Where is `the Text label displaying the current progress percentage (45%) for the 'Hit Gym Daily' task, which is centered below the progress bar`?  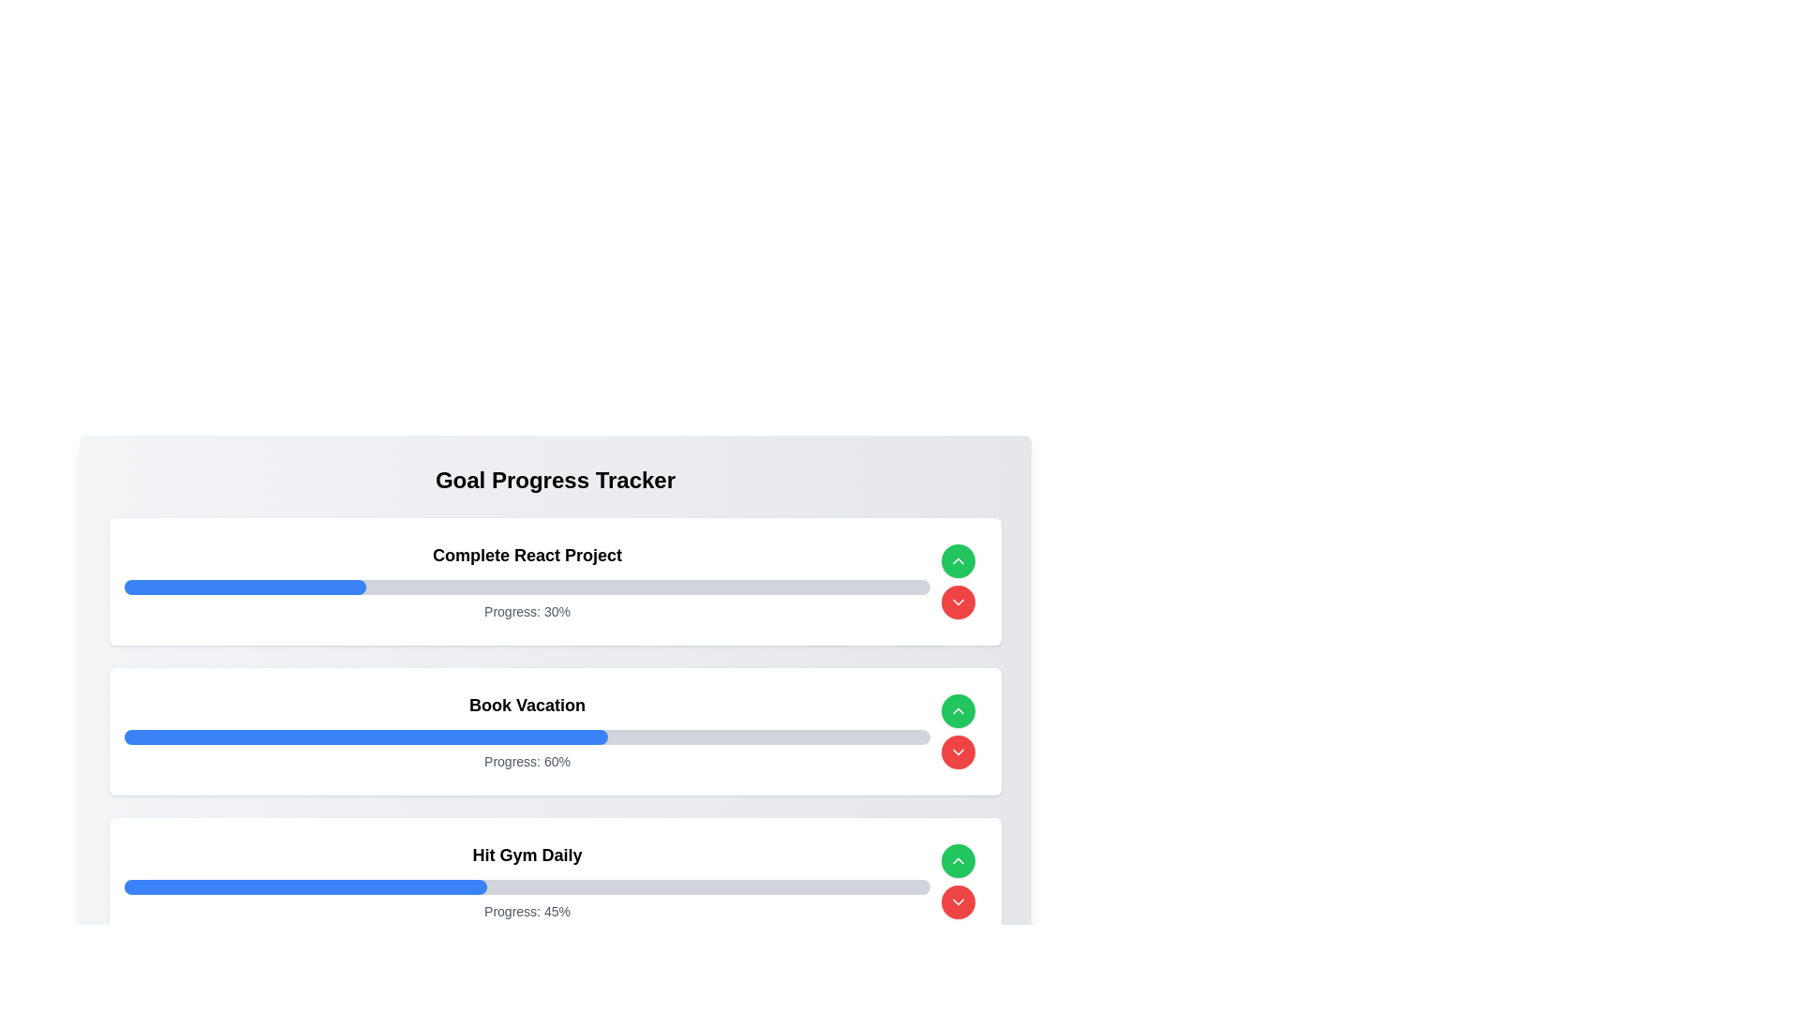 the Text label displaying the current progress percentage (45%) for the 'Hit Gym Daily' task, which is centered below the progress bar is located at coordinates (526, 910).